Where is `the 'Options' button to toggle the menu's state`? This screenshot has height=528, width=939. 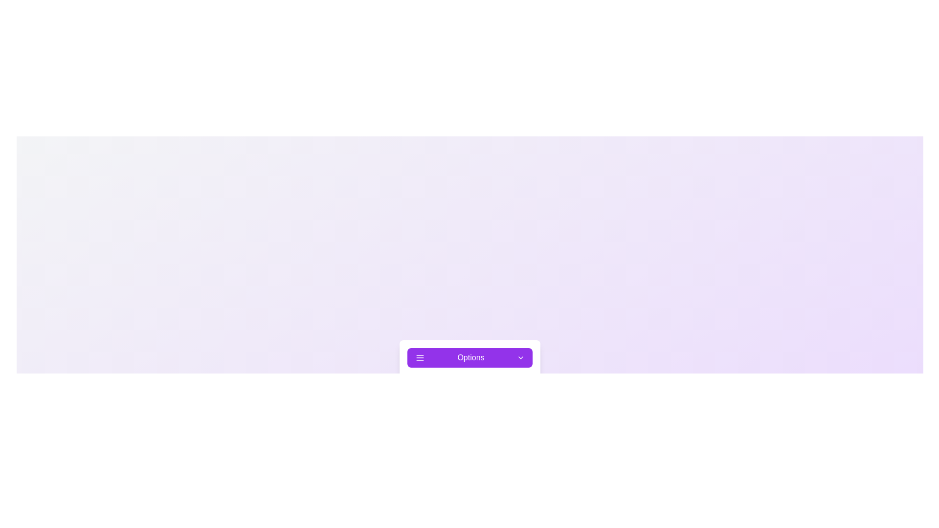 the 'Options' button to toggle the menu's state is located at coordinates (469, 357).